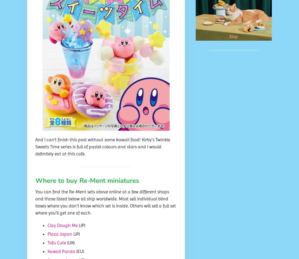 This screenshot has height=259, width=299. Describe the element at coordinates (61, 251) in the screenshot. I see `'Kawaii Panda'` at that location.